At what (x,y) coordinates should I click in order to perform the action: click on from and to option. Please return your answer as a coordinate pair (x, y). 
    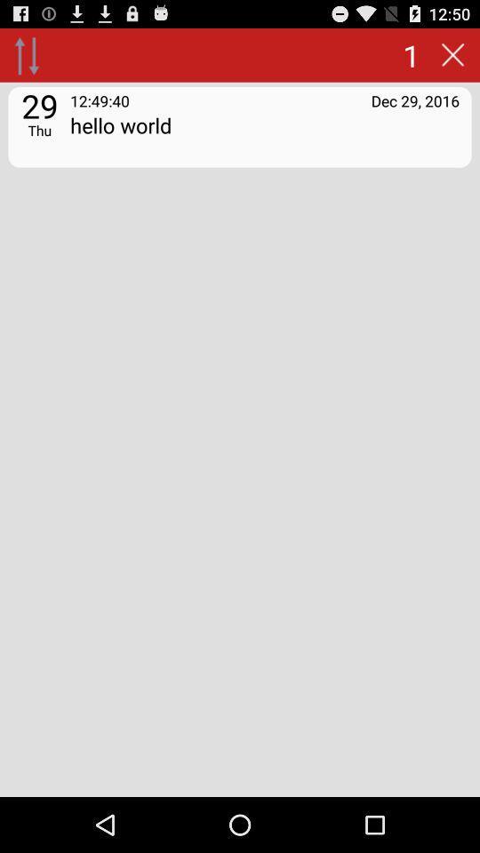
    Looking at the image, I should click on (26, 54).